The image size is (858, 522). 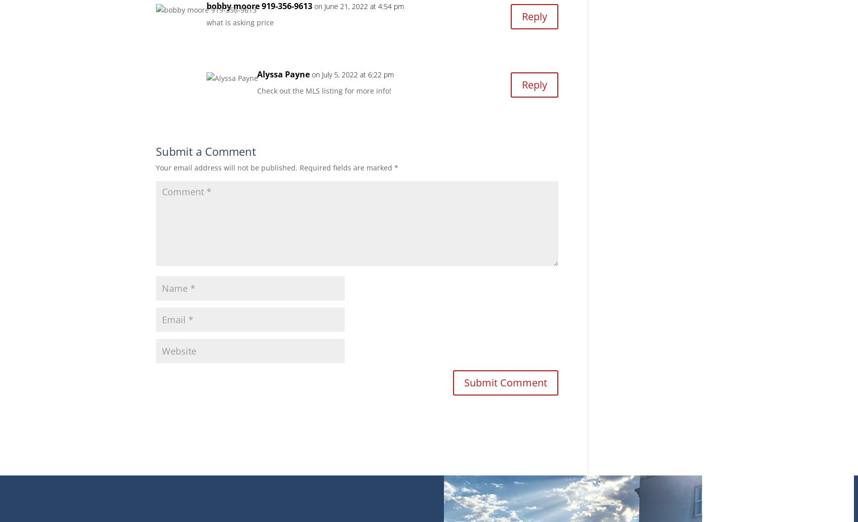 I want to click on 'Submit a Comment', so click(x=155, y=151).